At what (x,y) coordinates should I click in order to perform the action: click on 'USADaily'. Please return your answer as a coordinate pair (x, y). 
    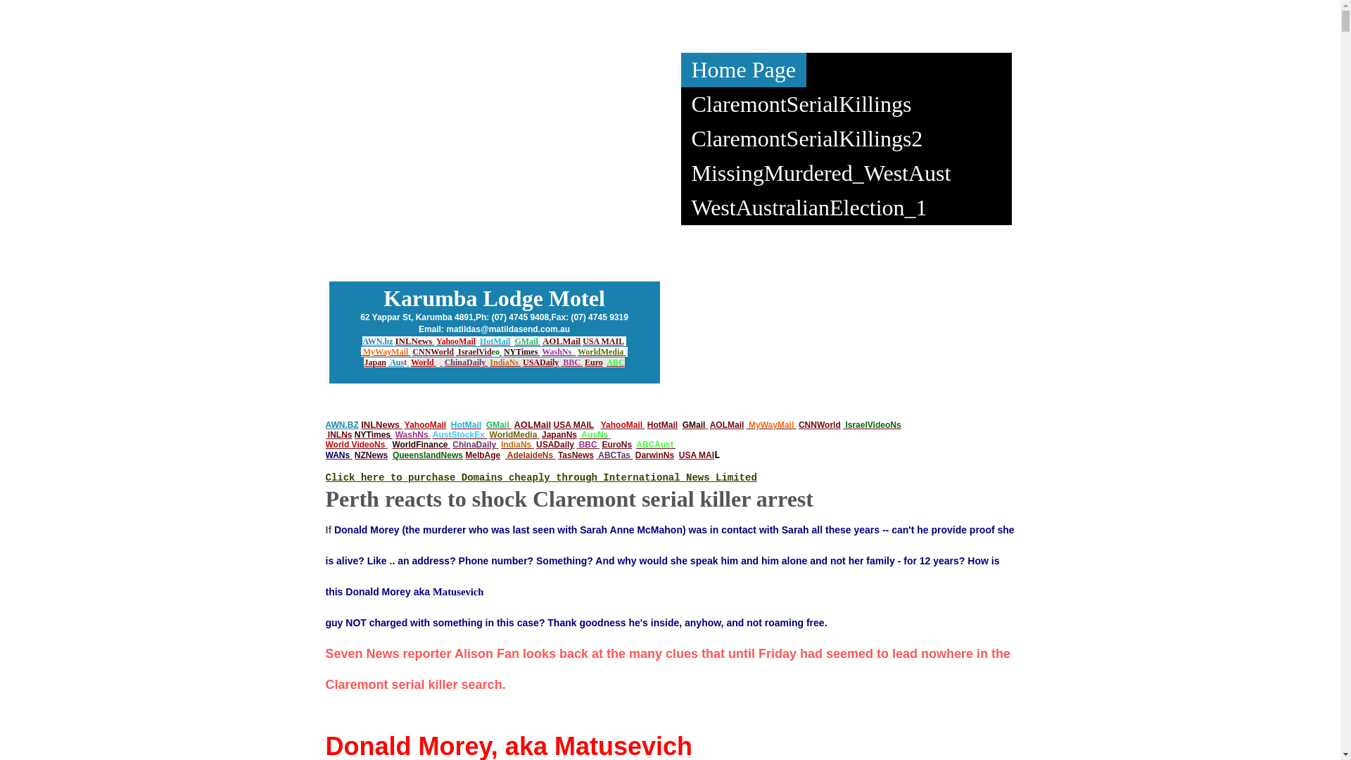
    Looking at the image, I should click on (540, 362).